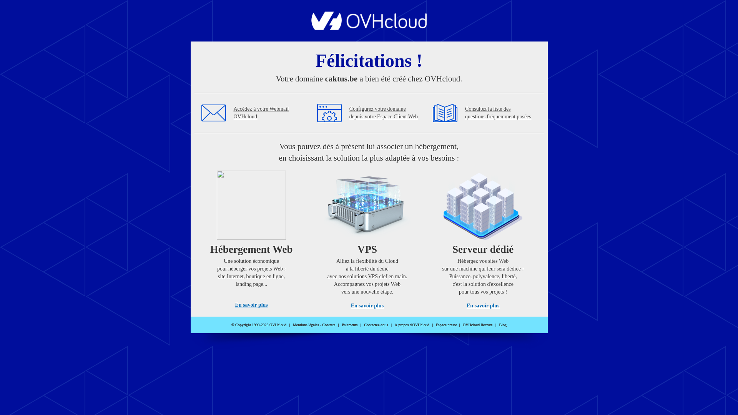 This screenshot has width=738, height=415. What do you see at coordinates (369, 27) in the screenshot?
I see `'OVHcloud'` at bounding box center [369, 27].